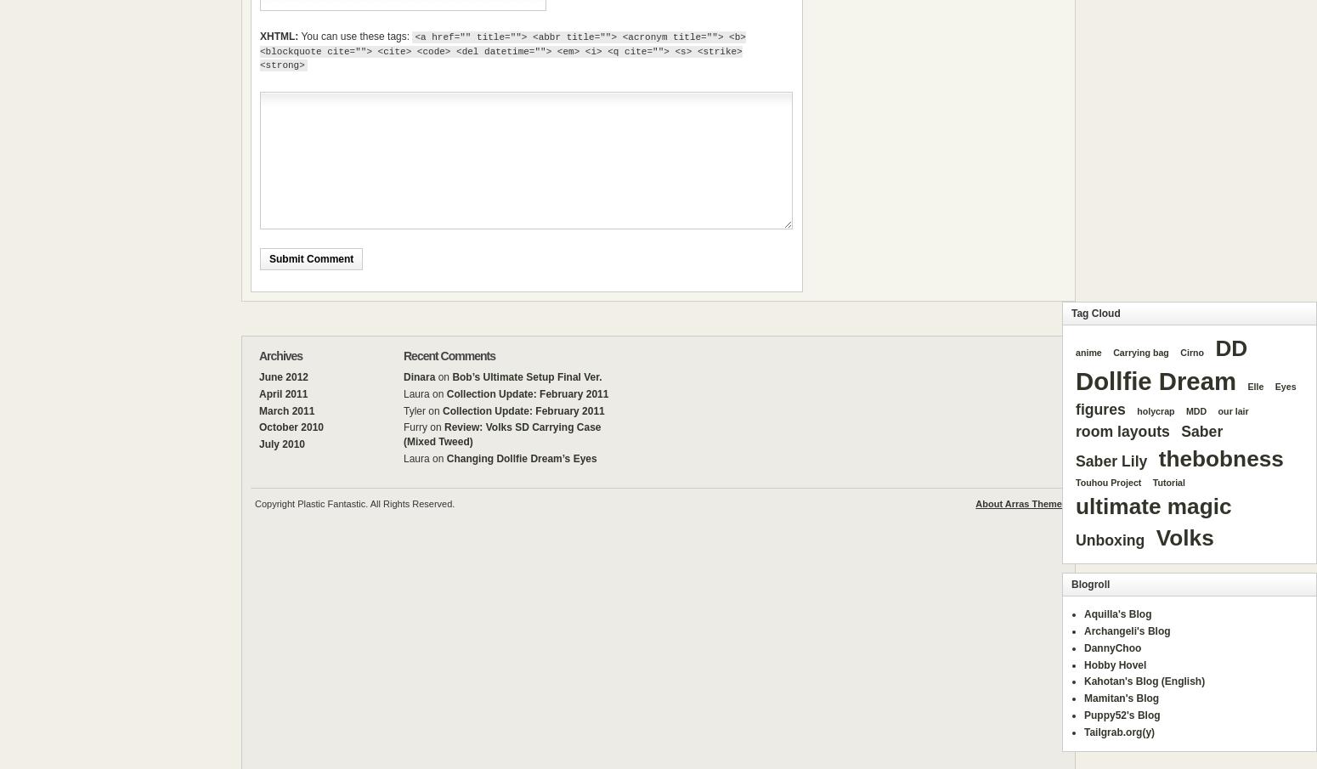 The width and height of the screenshot is (1317, 769). What do you see at coordinates (281, 443) in the screenshot?
I see `'July 2010'` at bounding box center [281, 443].